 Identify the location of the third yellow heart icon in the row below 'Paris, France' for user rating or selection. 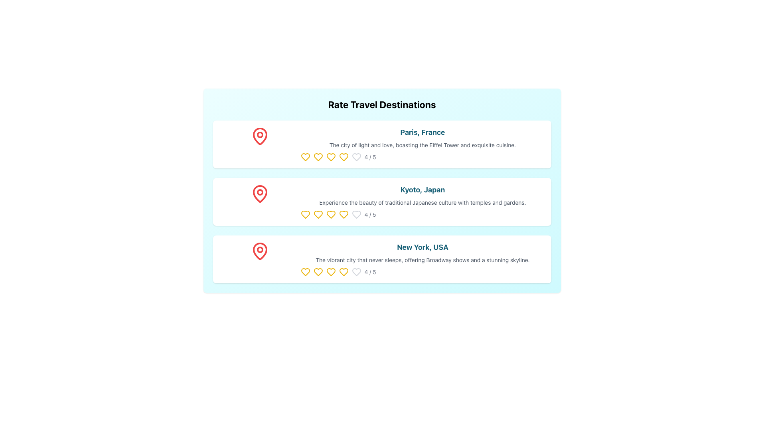
(318, 157).